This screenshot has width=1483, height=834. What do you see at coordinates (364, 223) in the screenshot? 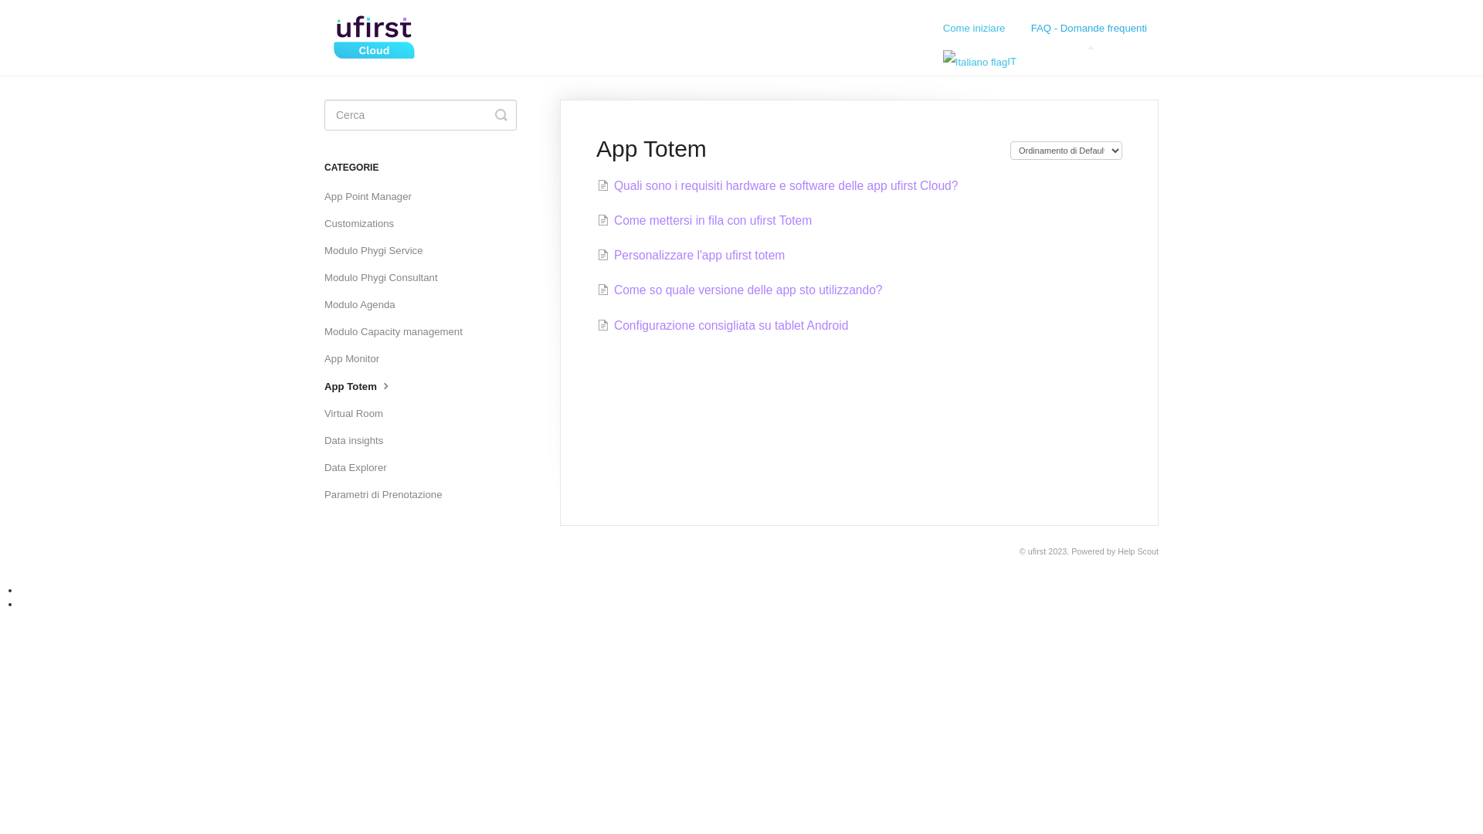
I see `'Customizations'` at bounding box center [364, 223].